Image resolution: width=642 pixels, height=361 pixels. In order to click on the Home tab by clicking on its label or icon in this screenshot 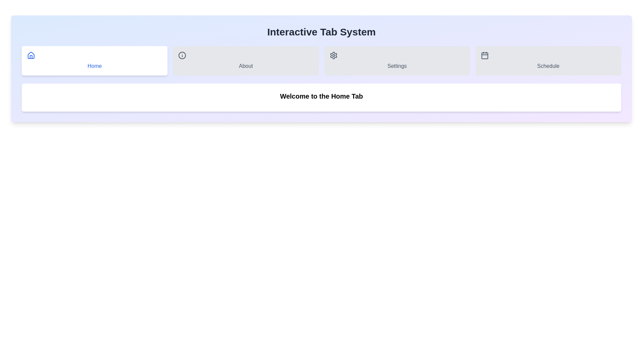, I will do `click(94, 61)`.